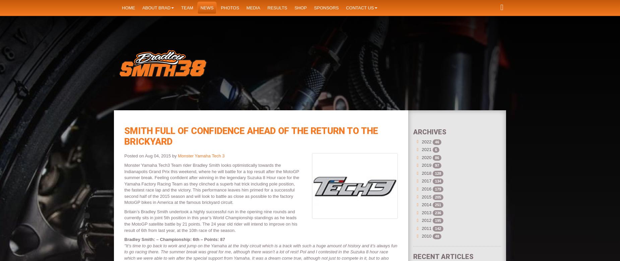  I want to click on 'Bradley Smith: – Championship: 6th – Points: 87', so click(174, 239).